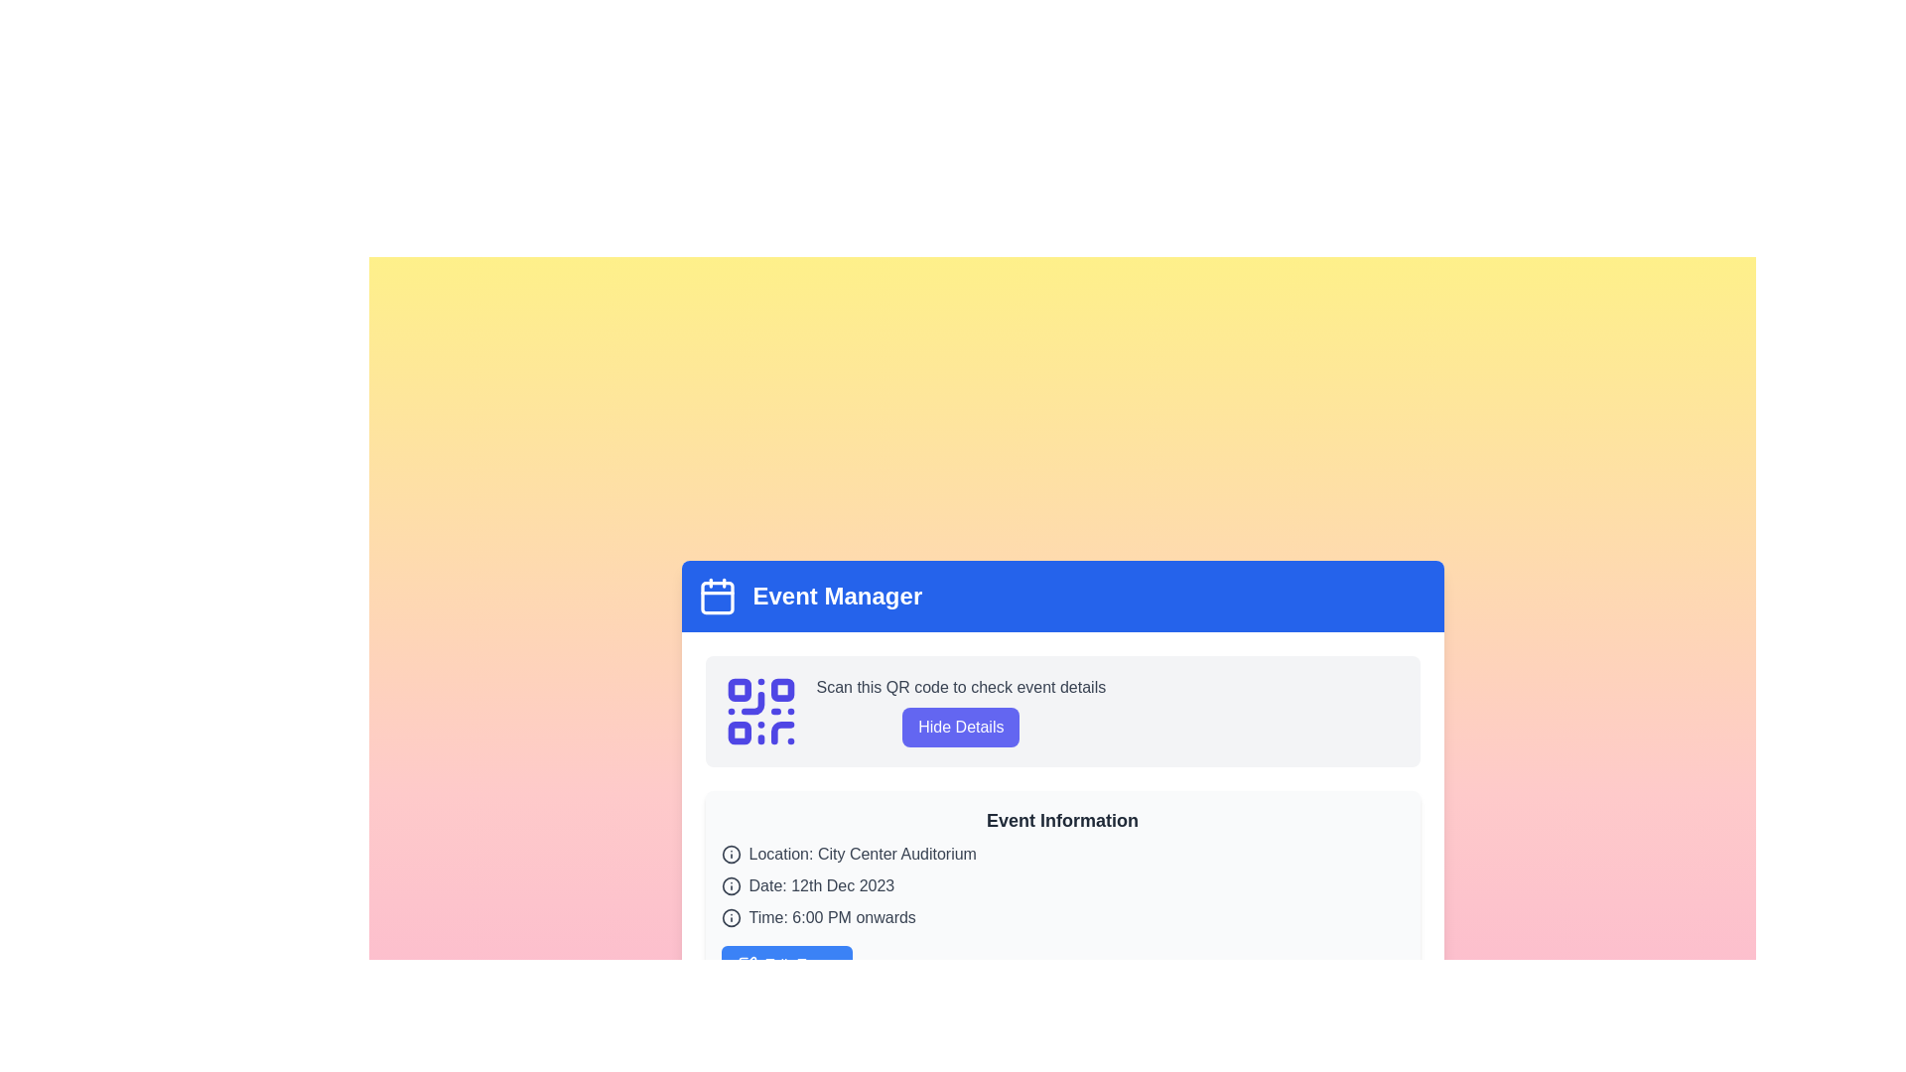  Describe the element at coordinates (785, 964) in the screenshot. I see `the 'Edit Event' button, which has rounded corners, a blue background, and is located at the bottom of the event detail panel` at that location.